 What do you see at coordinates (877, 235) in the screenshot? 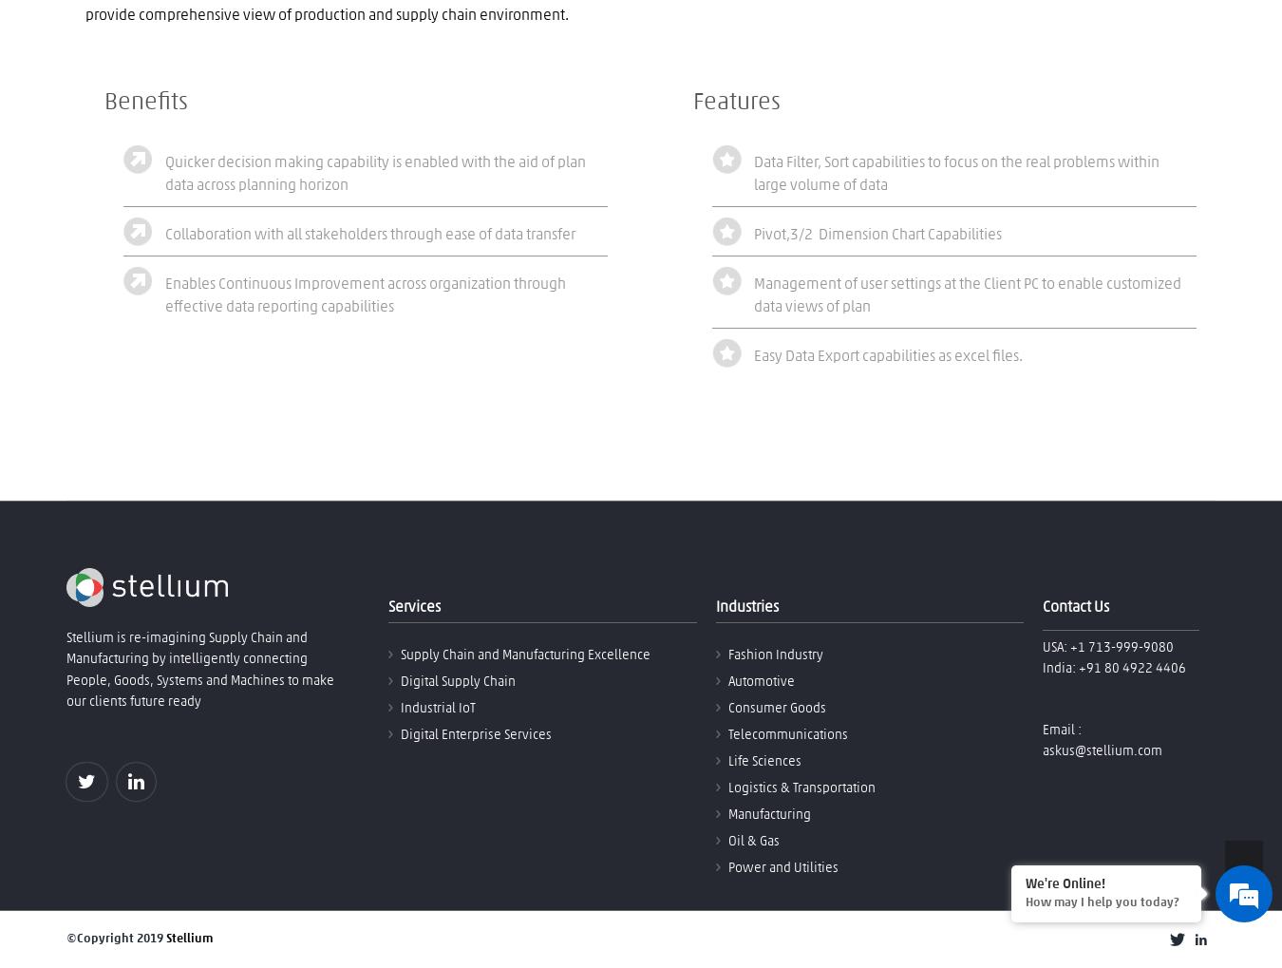
I see `'Pivot,3/2  Dimension Chart Capabilities'` at bounding box center [877, 235].